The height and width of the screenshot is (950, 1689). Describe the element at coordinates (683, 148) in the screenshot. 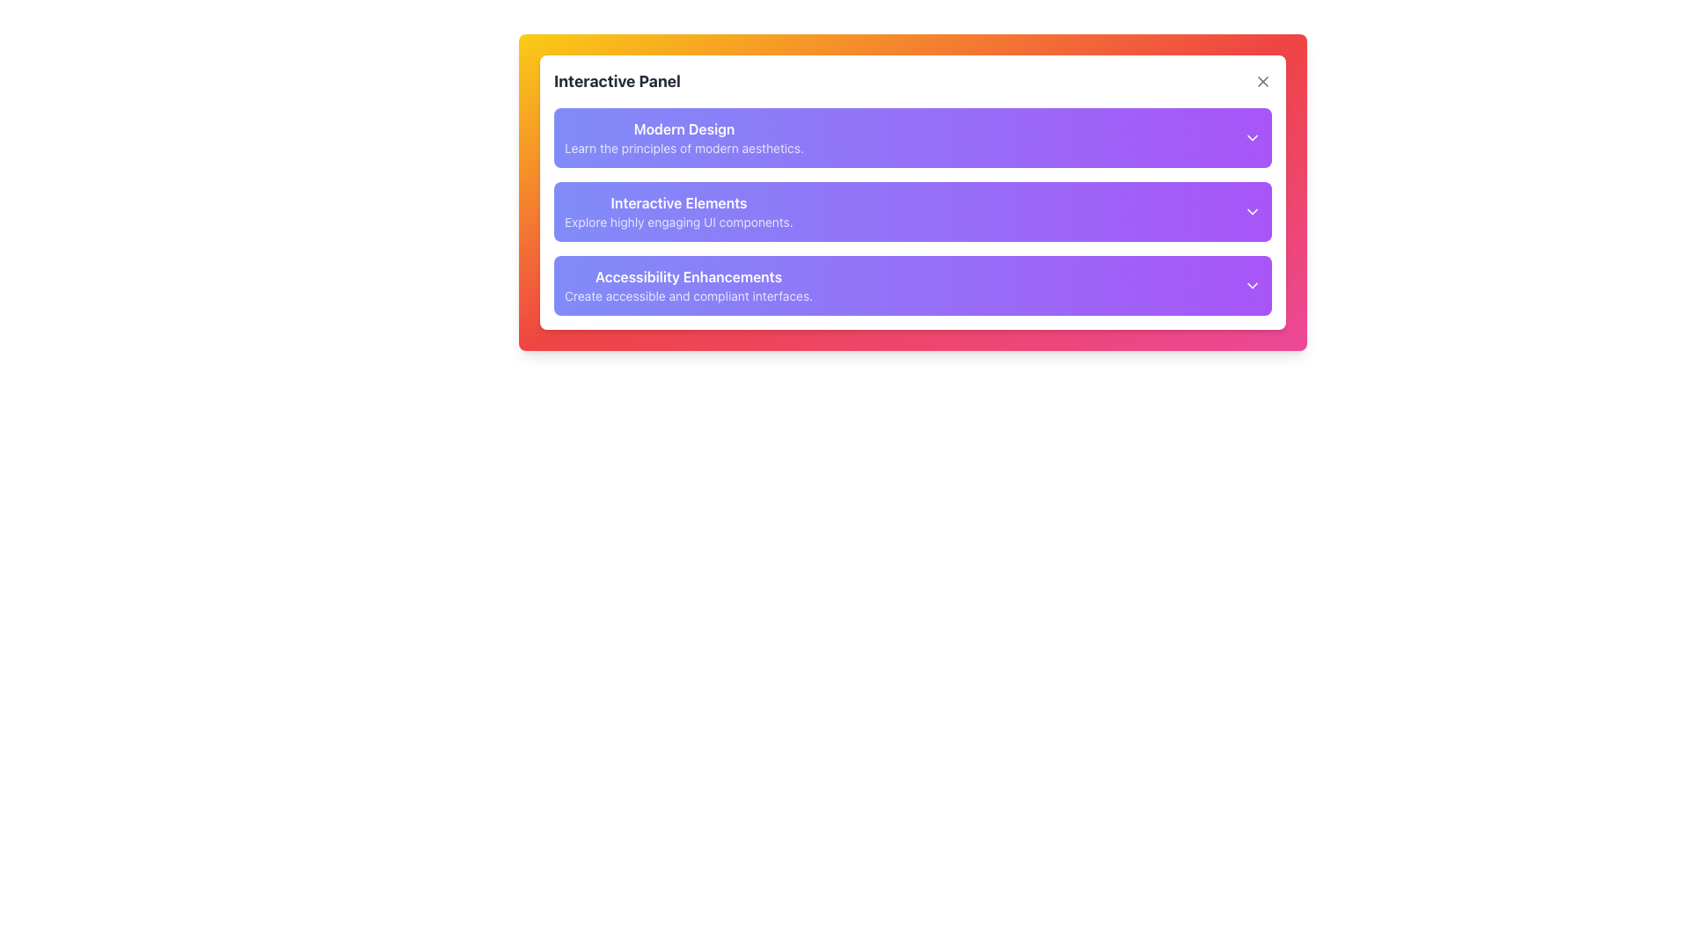

I see `the descriptive text label located directly below the heading 'Modern Design' within the UI panel` at that location.